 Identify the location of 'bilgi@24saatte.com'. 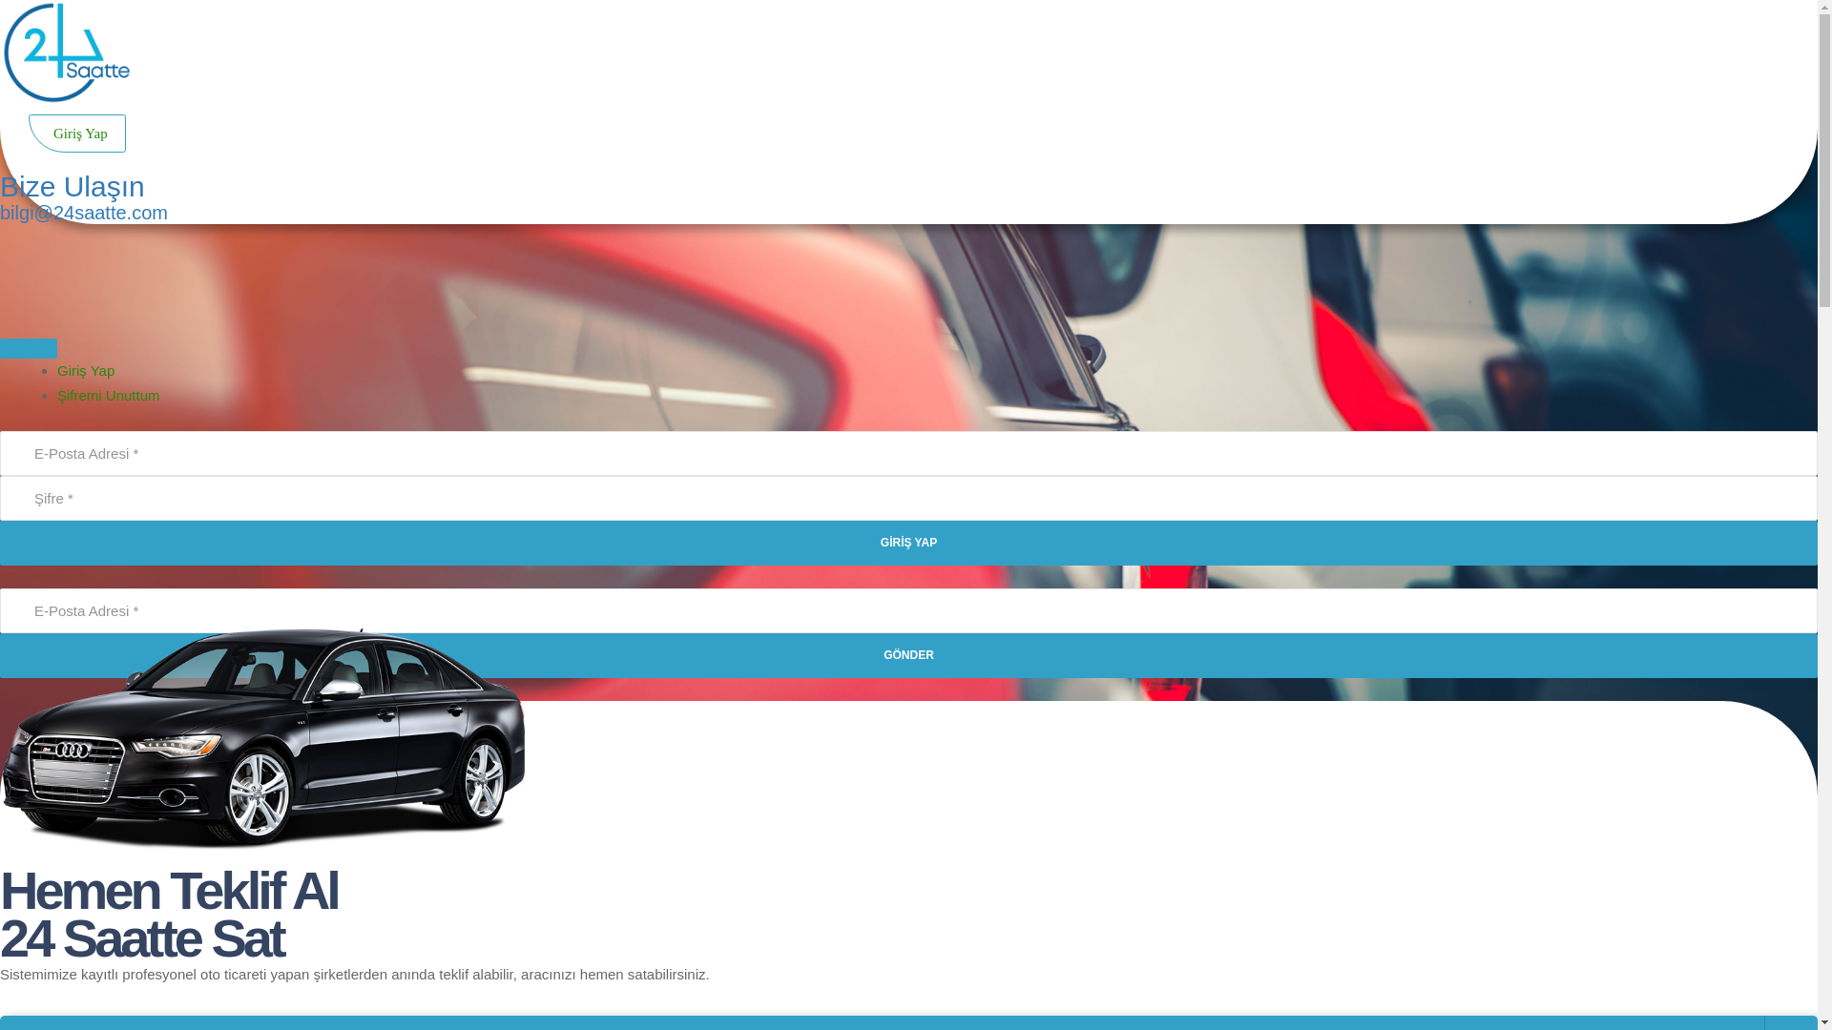
(0, 213).